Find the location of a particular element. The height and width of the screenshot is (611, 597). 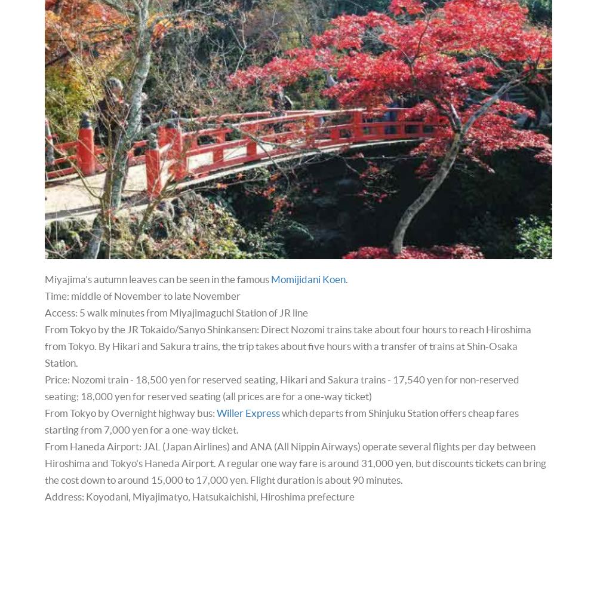

'Price: Nozomi train - 18,500 yen for reserved seating, Hikari and Sakura trains - 17,540 yen for non-reserved seating; 18,000 yen for reserved seating (all prices are for a one-way ticket)' is located at coordinates (281, 388).